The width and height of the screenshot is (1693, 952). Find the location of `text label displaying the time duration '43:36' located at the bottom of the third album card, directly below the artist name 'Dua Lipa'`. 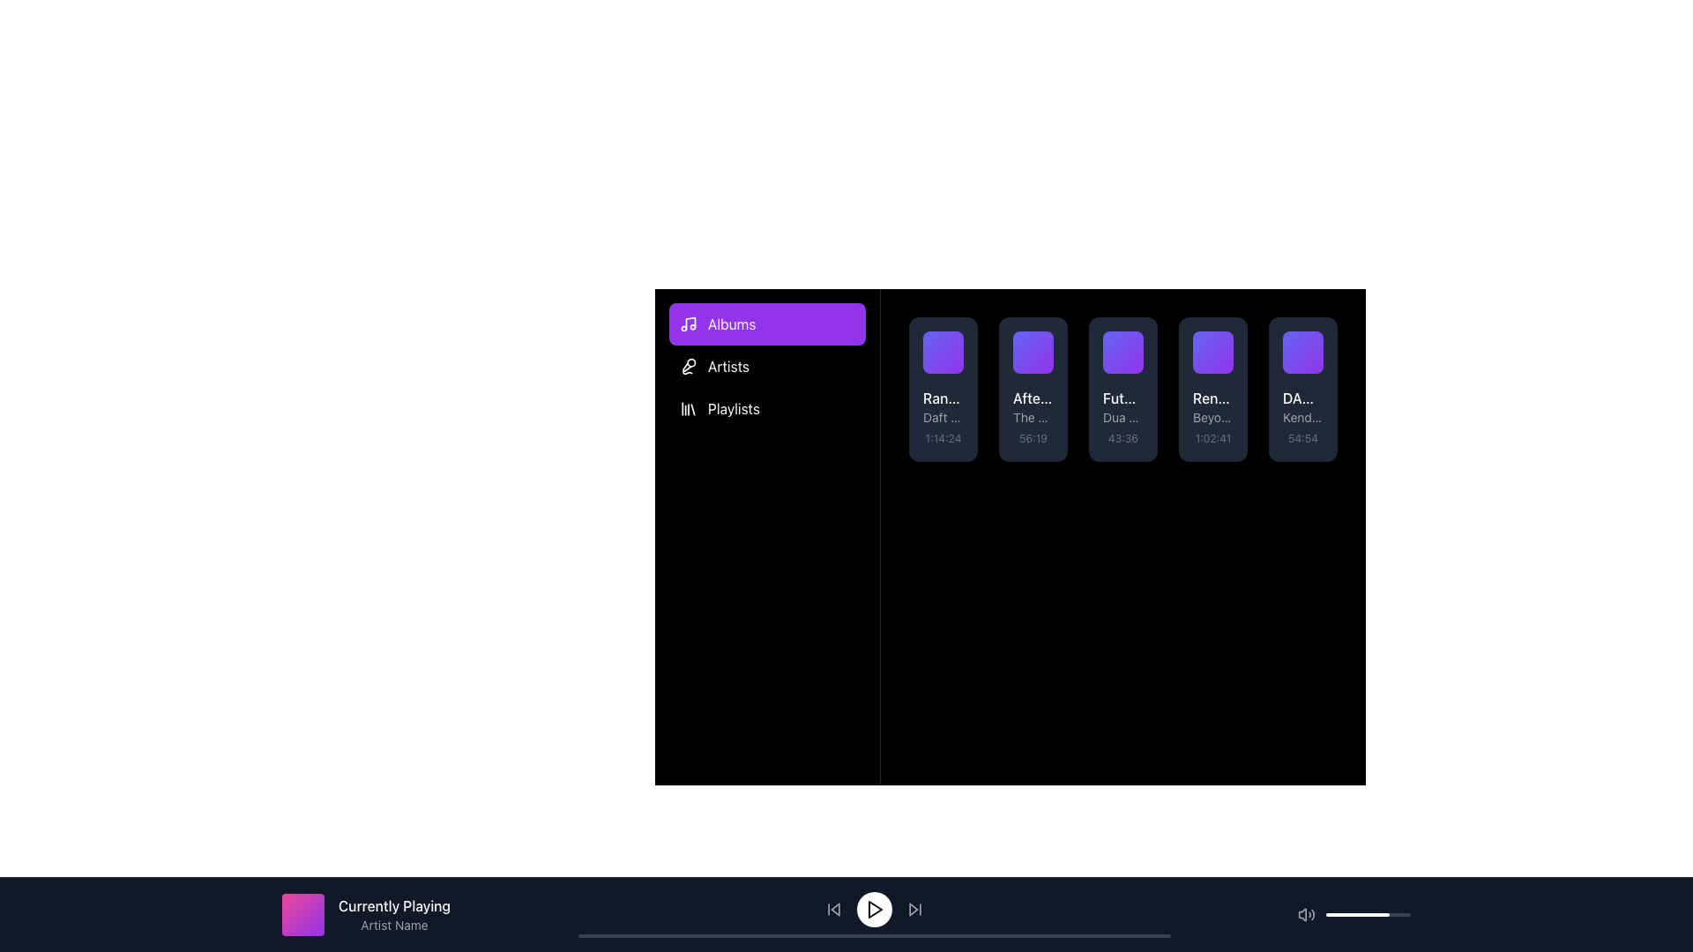

text label displaying the time duration '43:36' located at the bottom of the third album card, directly below the artist name 'Dua Lipa' is located at coordinates (1122, 437).